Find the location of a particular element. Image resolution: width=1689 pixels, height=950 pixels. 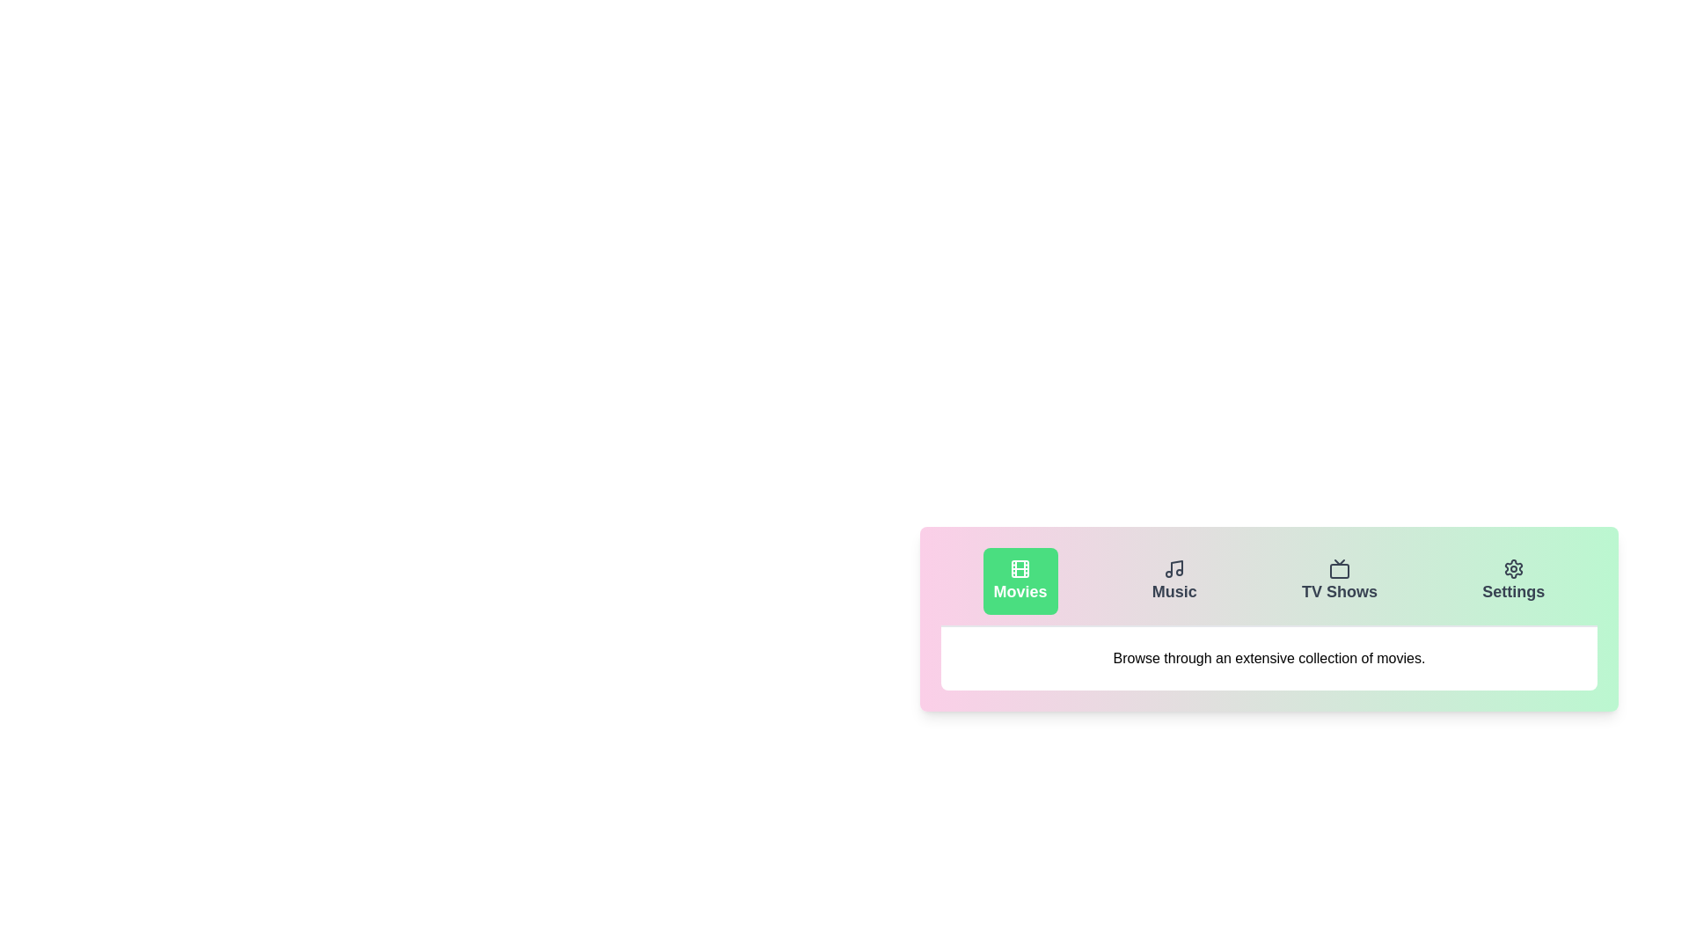

the Music tab by clicking on it is located at coordinates (1174, 581).